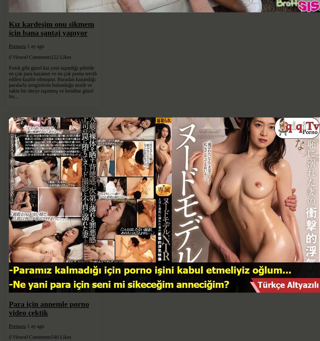 This screenshot has height=341, width=320. Describe the element at coordinates (49, 308) in the screenshot. I see `'Para için annemle porno video çektik'` at that location.